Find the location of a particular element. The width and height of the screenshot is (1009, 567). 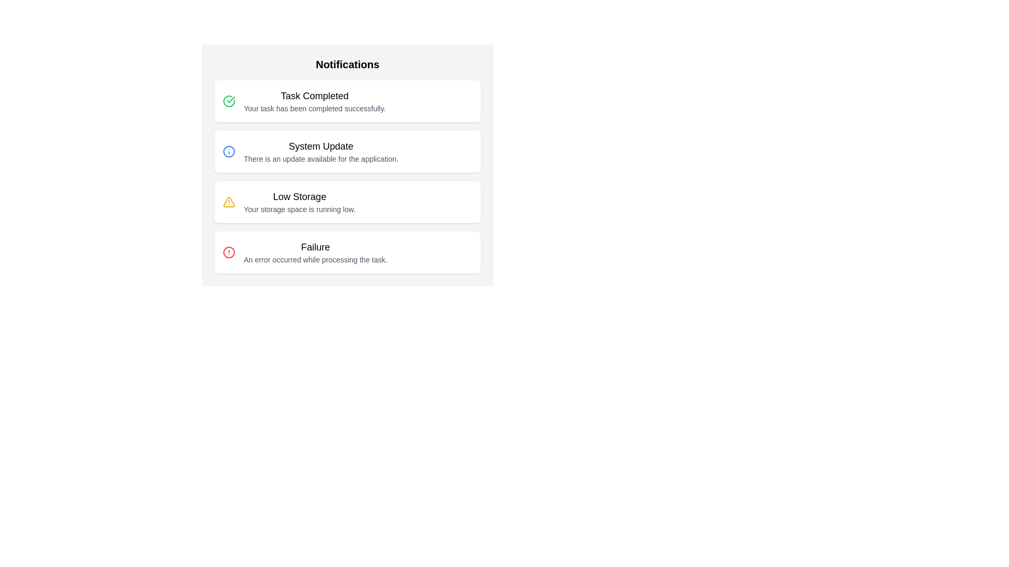

the alert icon indicating a failure, which is positioned in the 'Failure' notification box, adjacent to the text 'Failure' and 'An error occurred while processing the task.' is located at coordinates (229, 253).